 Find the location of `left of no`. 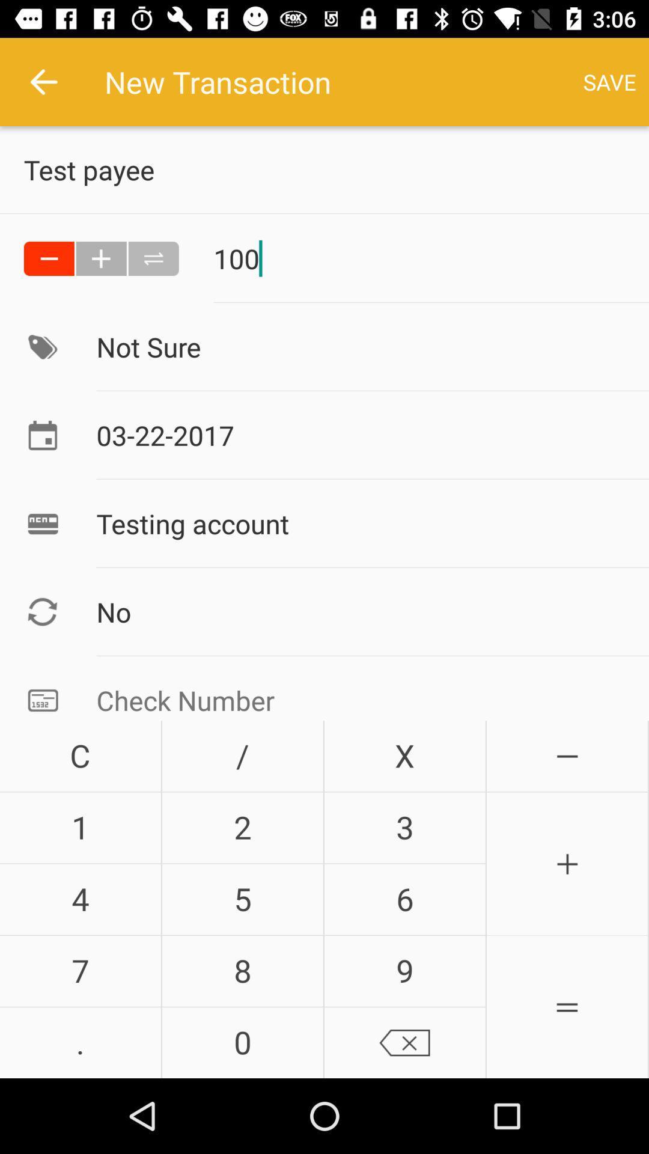

left of no is located at coordinates (42, 612).